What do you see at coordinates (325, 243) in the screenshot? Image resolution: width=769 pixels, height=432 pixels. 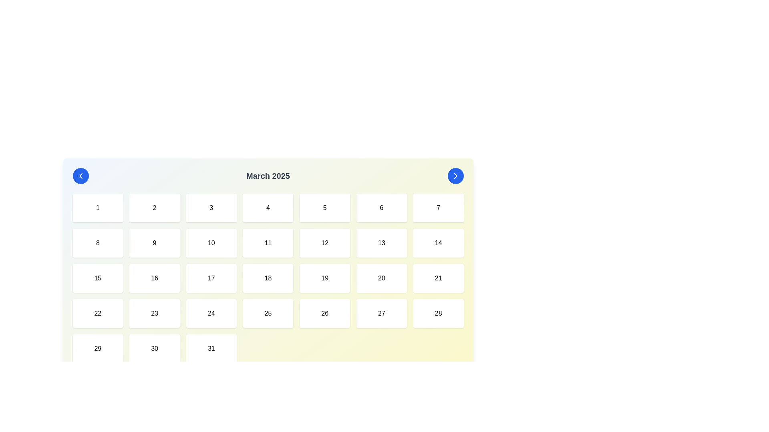 I see `the clickable date box displaying the number '12' in black text, located in the second row and fifth column of the grid` at bounding box center [325, 243].